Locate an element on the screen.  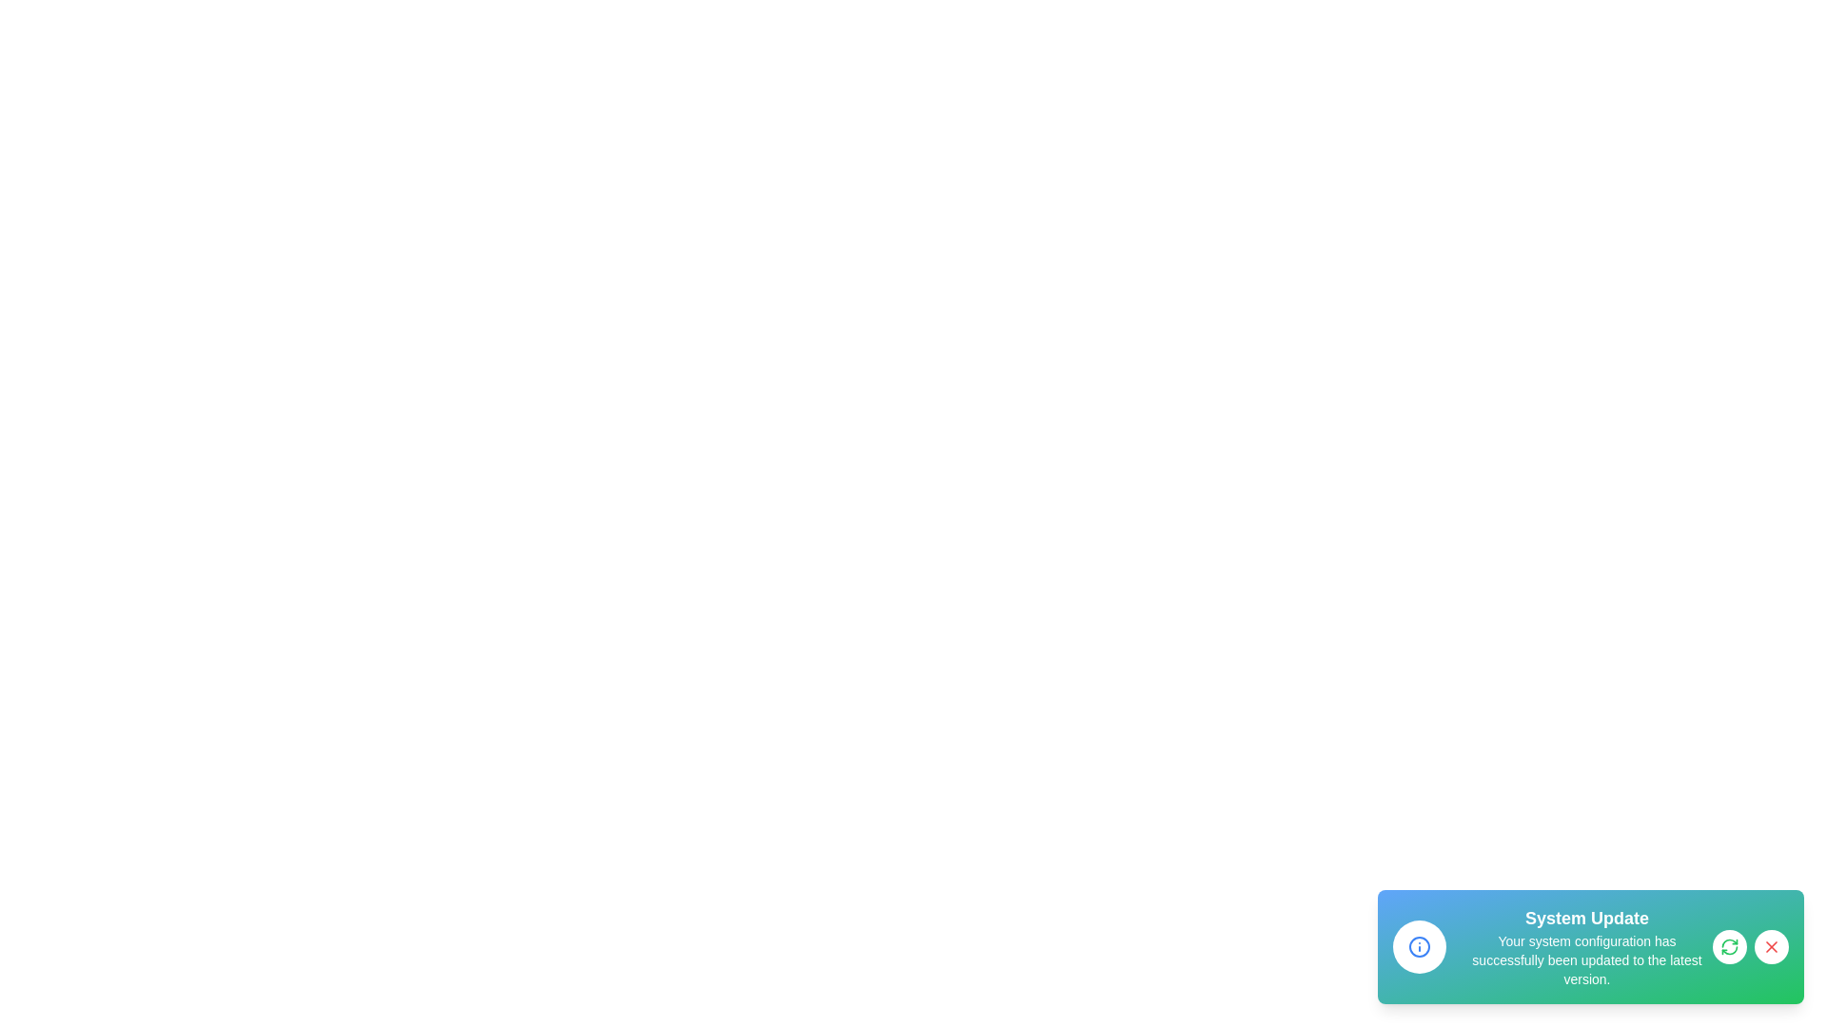
the close button of the notification is located at coordinates (1771, 946).